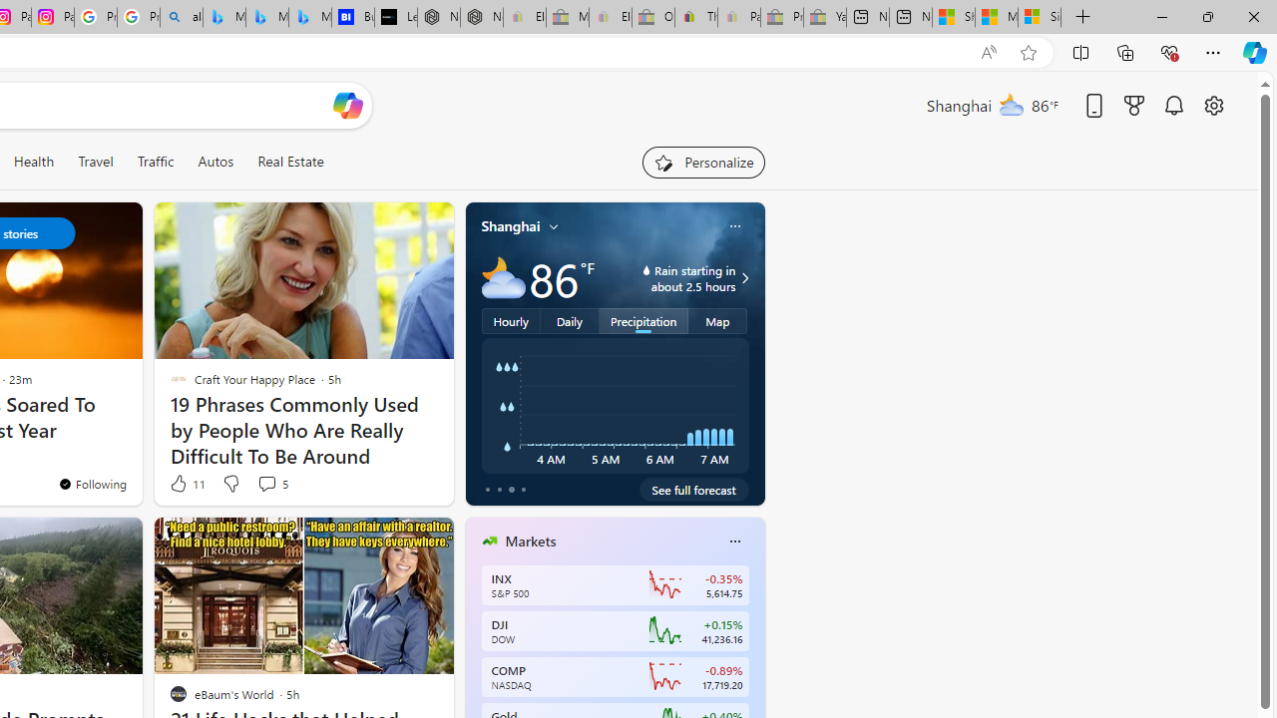 The image size is (1277, 718). I want to click on 'Autos', so click(215, 161).